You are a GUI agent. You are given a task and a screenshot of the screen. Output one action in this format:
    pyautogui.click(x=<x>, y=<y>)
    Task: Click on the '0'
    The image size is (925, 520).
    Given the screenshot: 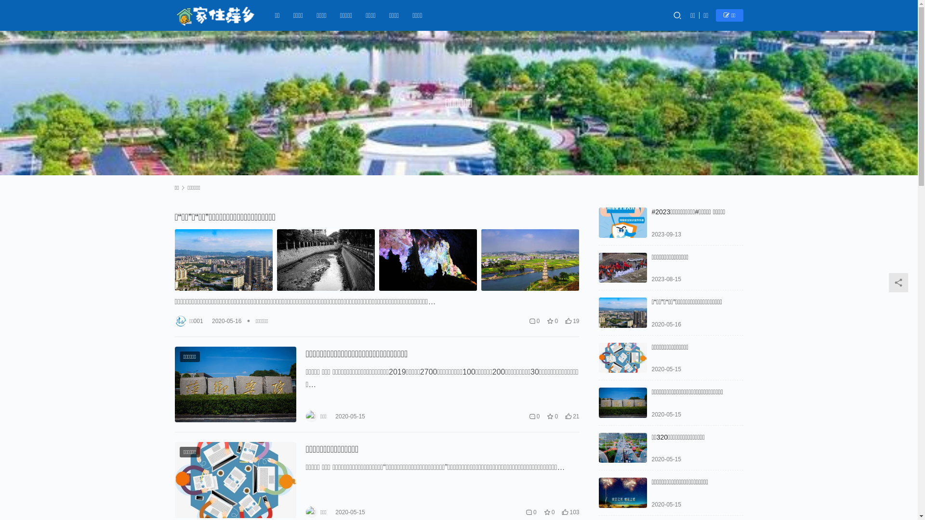 What is the action you would take?
    pyautogui.click(x=529, y=416)
    